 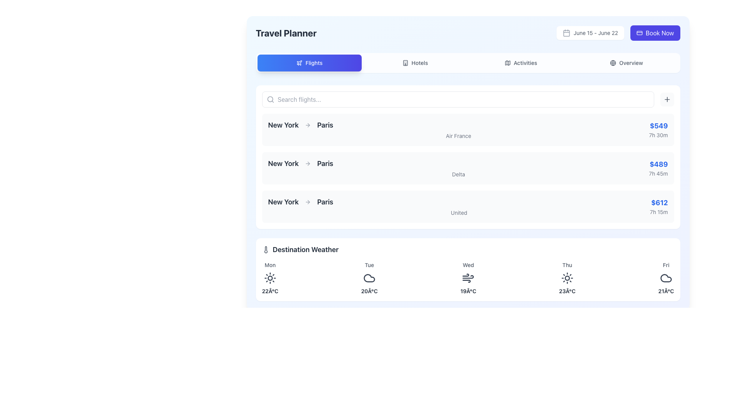 What do you see at coordinates (325, 125) in the screenshot?
I see `the text label displaying 'Paris' in bold and dark gray font, which signifies a destination in the flight route layout` at bounding box center [325, 125].